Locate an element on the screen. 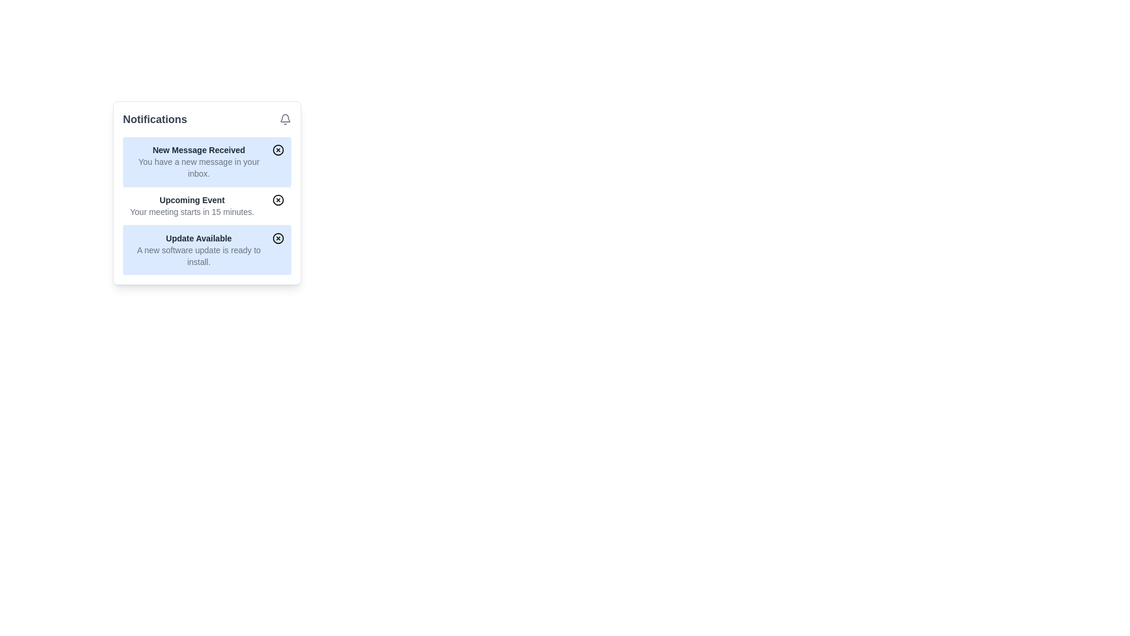 The width and height of the screenshot is (1130, 636). notification card displaying 'New Message Received' and 'You have a new message in your inbox.' is located at coordinates (207, 161).